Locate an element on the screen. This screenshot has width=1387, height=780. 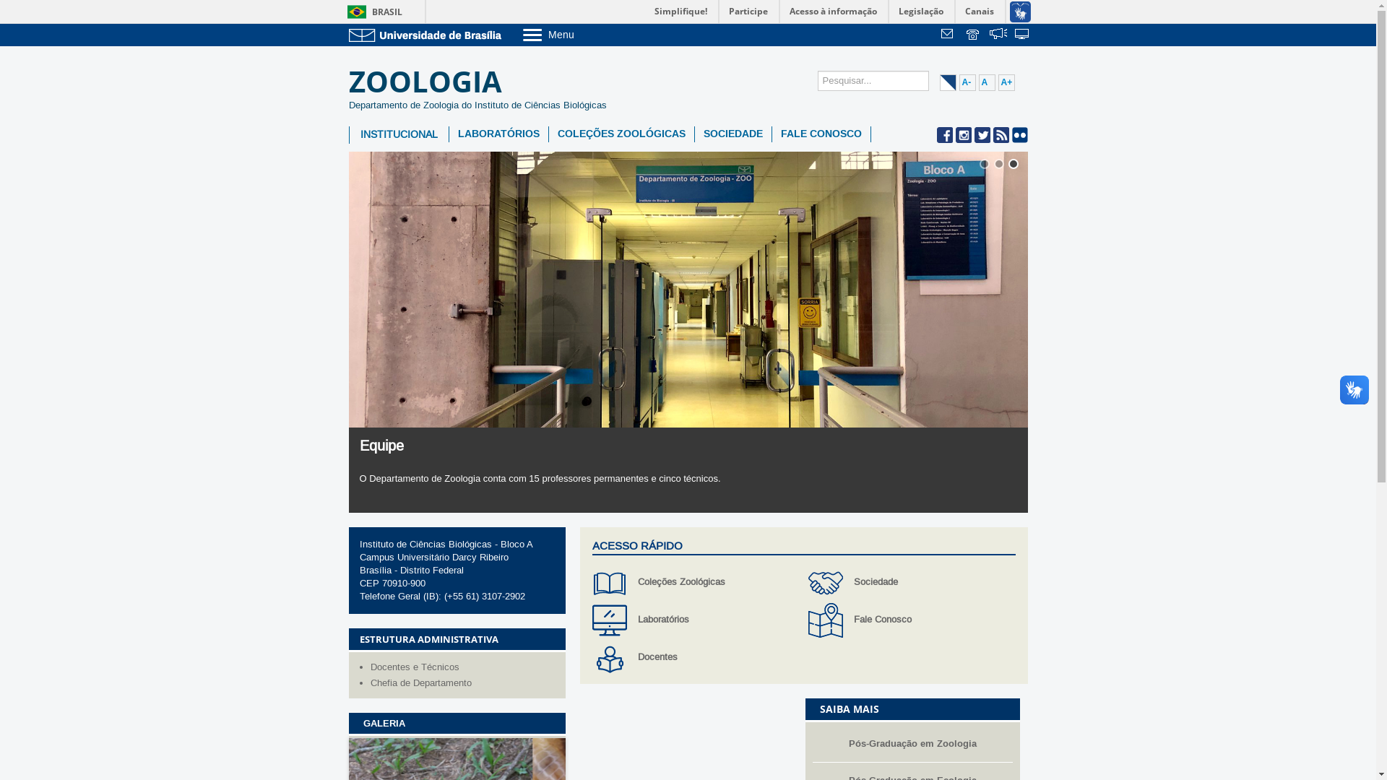
' ' is located at coordinates (998, 35).